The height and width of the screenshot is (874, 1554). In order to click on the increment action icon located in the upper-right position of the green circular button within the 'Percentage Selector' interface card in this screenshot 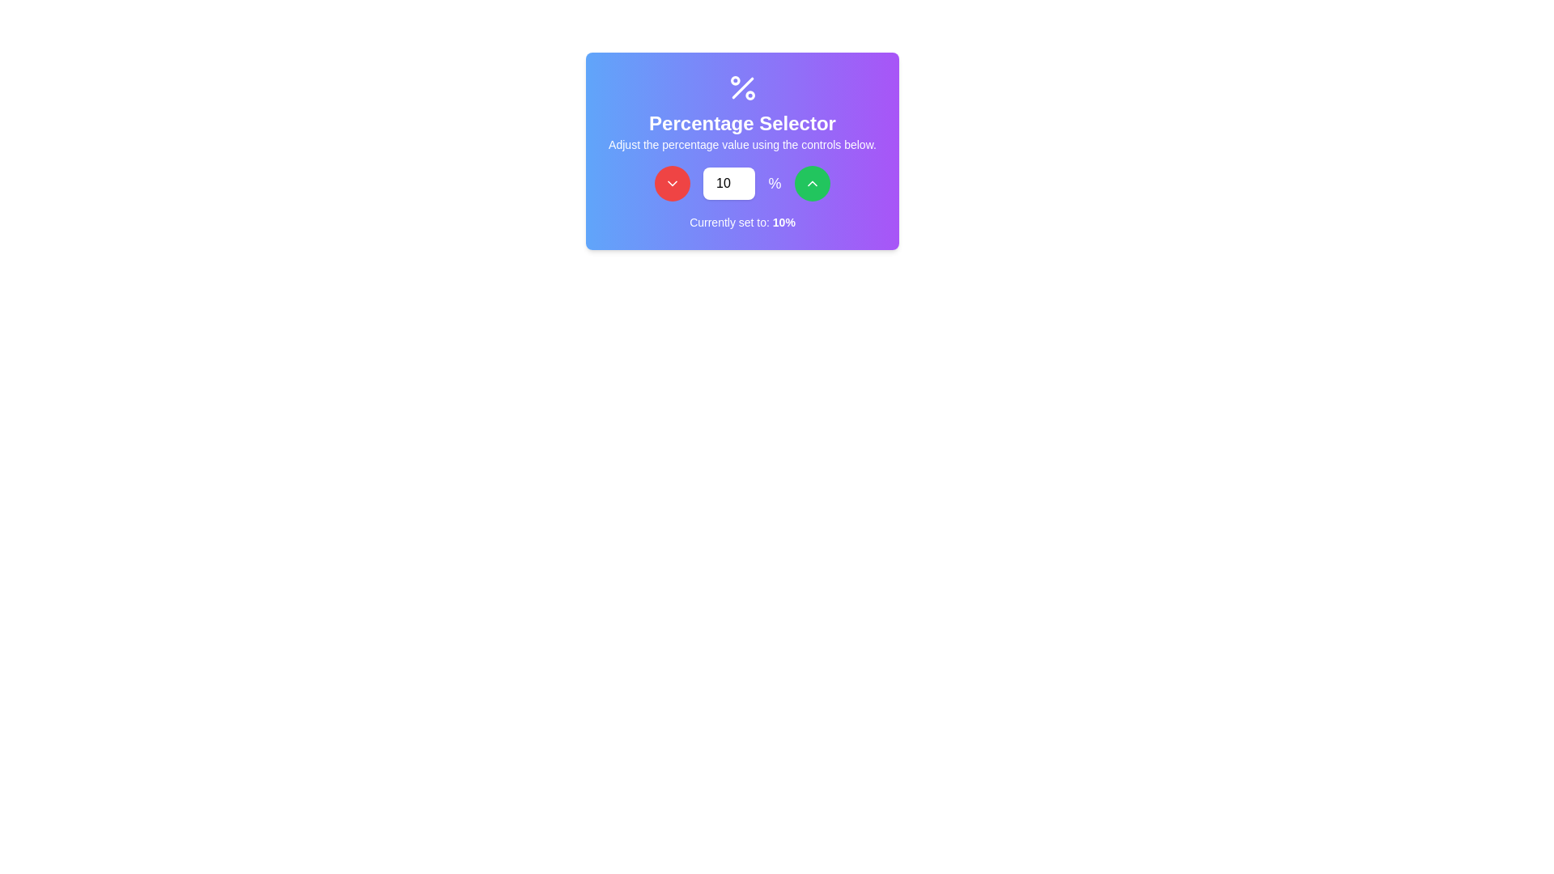, I will do `click(812, 183)`.